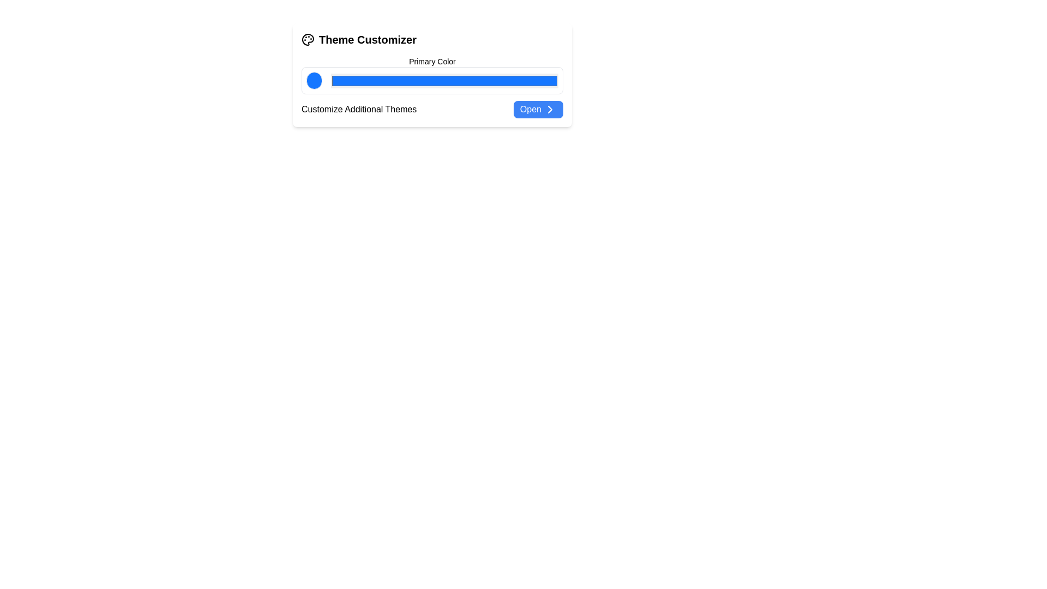  Describe the element at coordinates (550, 109) in the screenshot. I see `the right-facing chevron icon located near the right edge of the 'Open' button, which indicates interactivity and suggests further navigation or expandable options` at that location.